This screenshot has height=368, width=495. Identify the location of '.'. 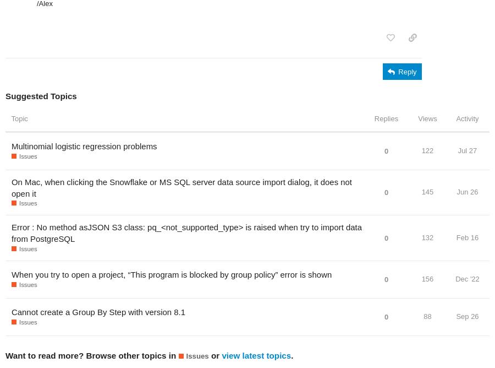
(291, 354).